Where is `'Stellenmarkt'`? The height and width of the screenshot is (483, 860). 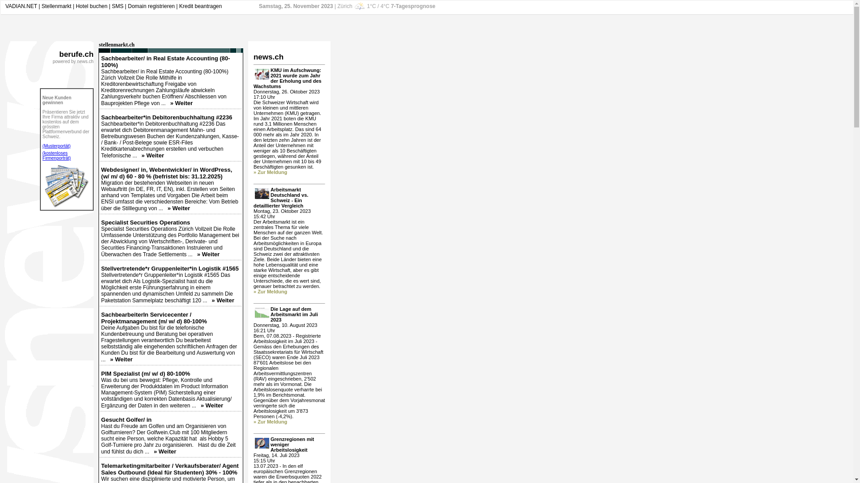
'Stellenmarkt' is located at coordinates (56, 6).